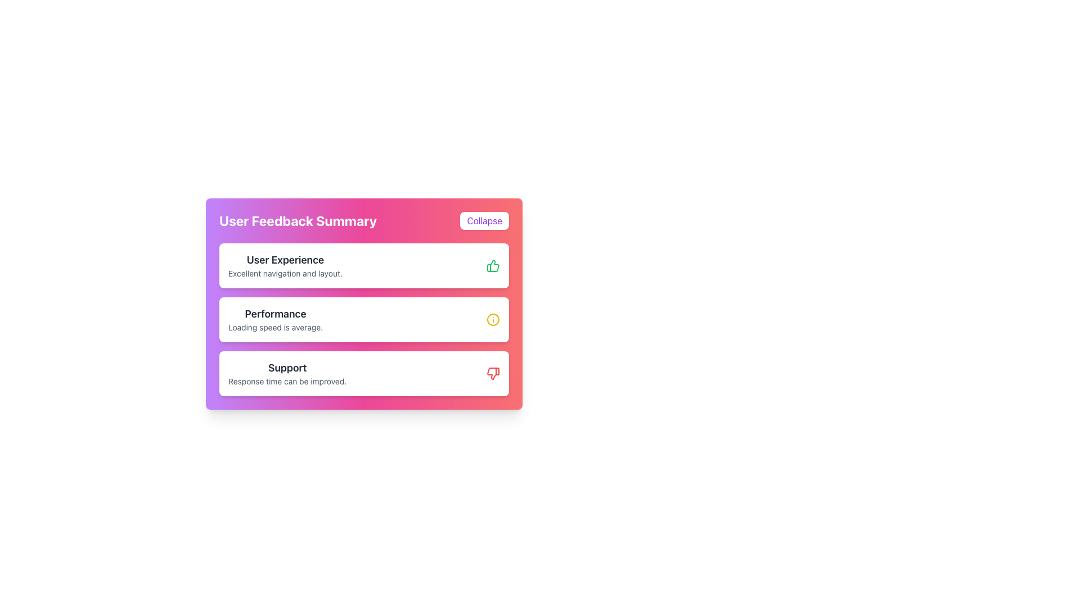  Describe the element at coordinates (364, 320) in the screenshot. I see `the performance feedback card located below the 'User Experience' card in the user feedback summary box` at that location.